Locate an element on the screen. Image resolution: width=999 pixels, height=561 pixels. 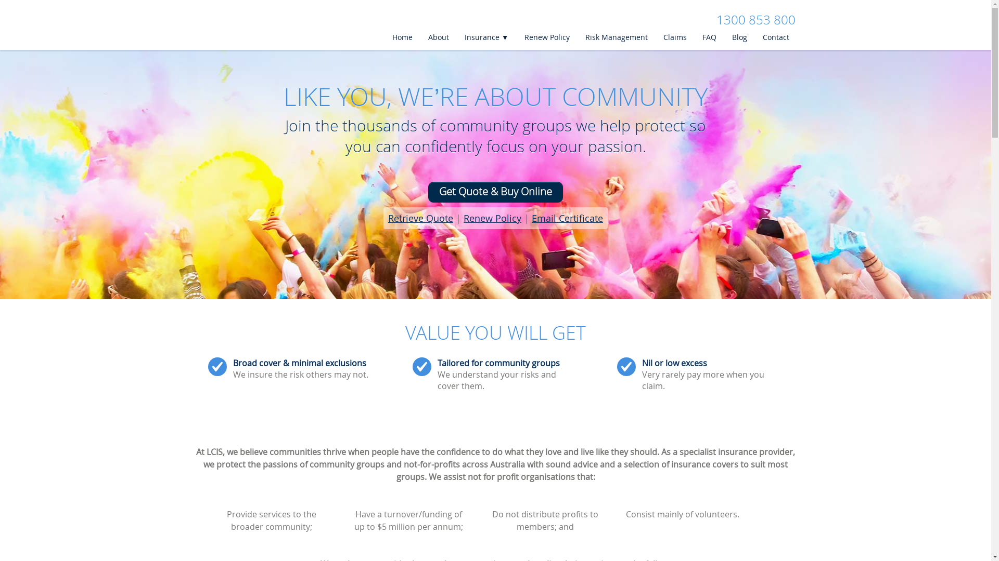
'About' is located at coordinates (438, 37).